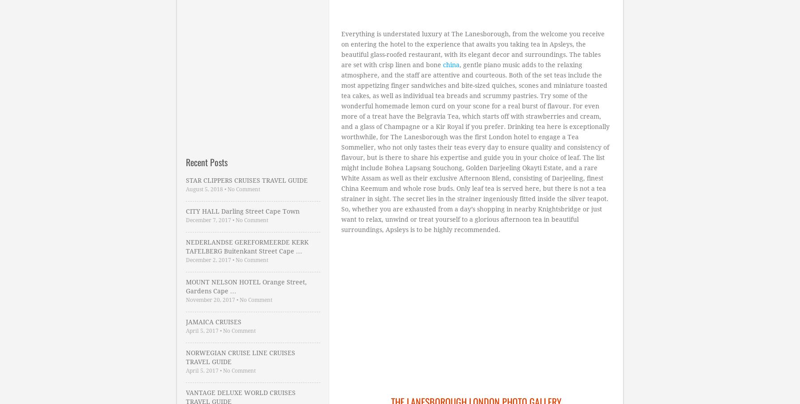 The image size is (800, 404). I want to click on 'STAR CLIPPERS CRUISES TRAVEL GUIDE', so click(246, 181).